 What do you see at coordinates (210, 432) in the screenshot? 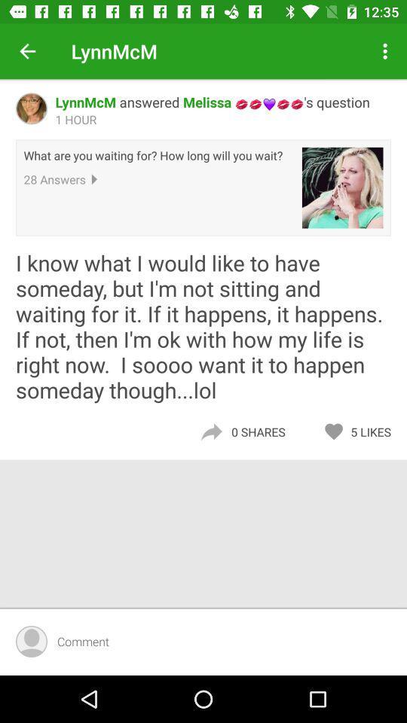
I see `forward the message` at bounding box center [210, 432].